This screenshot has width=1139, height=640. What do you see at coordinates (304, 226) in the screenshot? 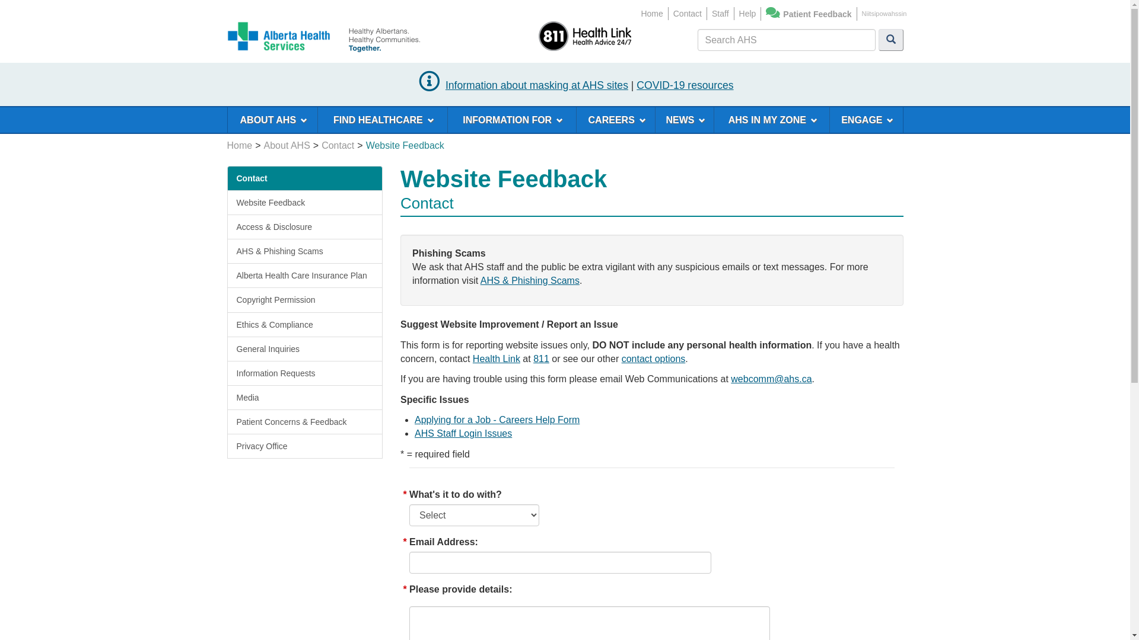
I see `'Access & Disclosure'` at bounding box center [304, 226].